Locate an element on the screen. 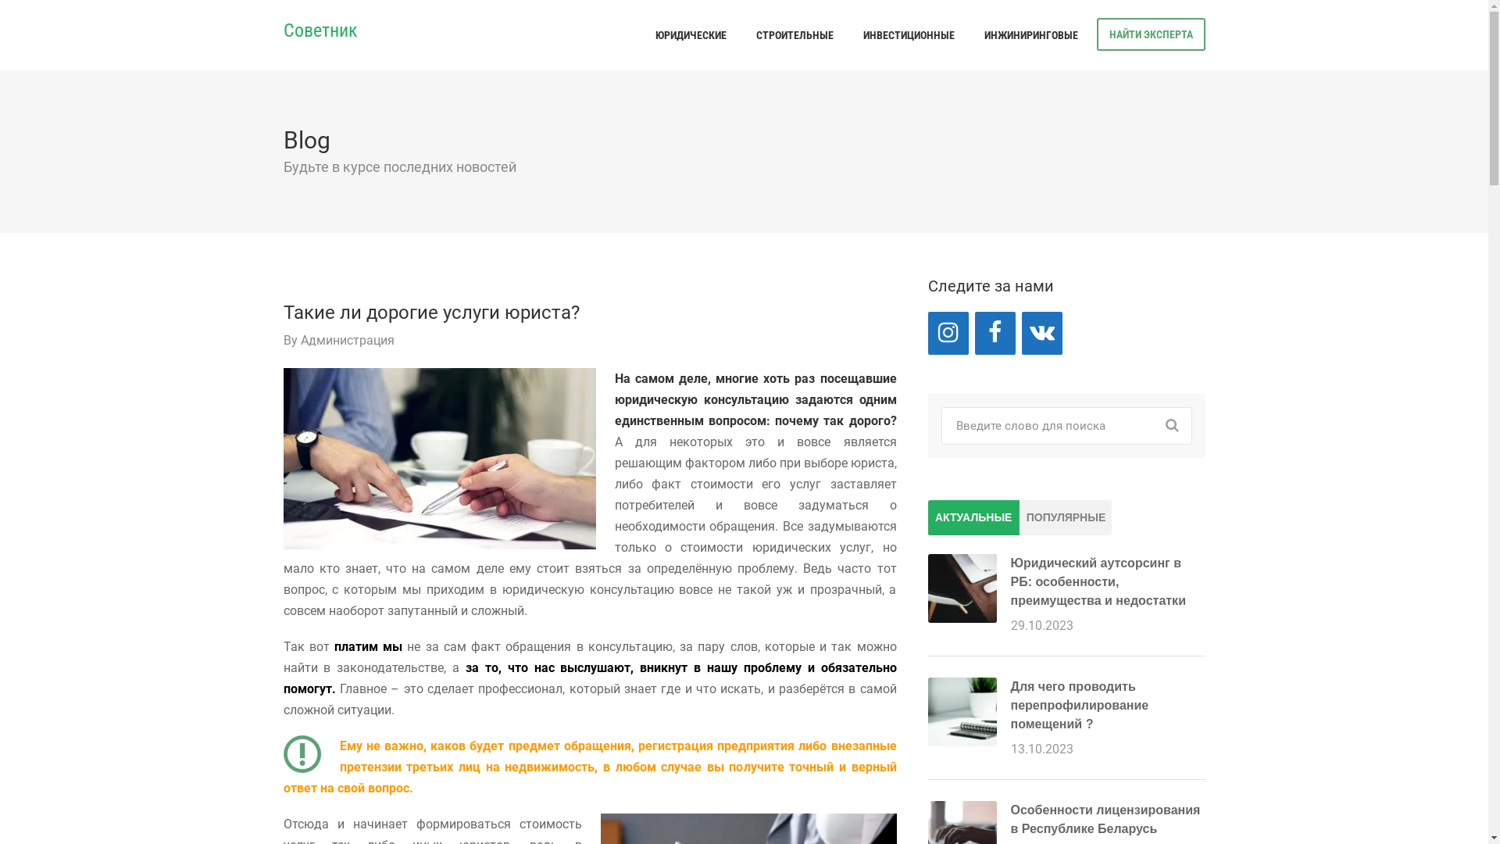 The image size is (1500, 844). 'Instagram' is located at coordinates (948, 332).